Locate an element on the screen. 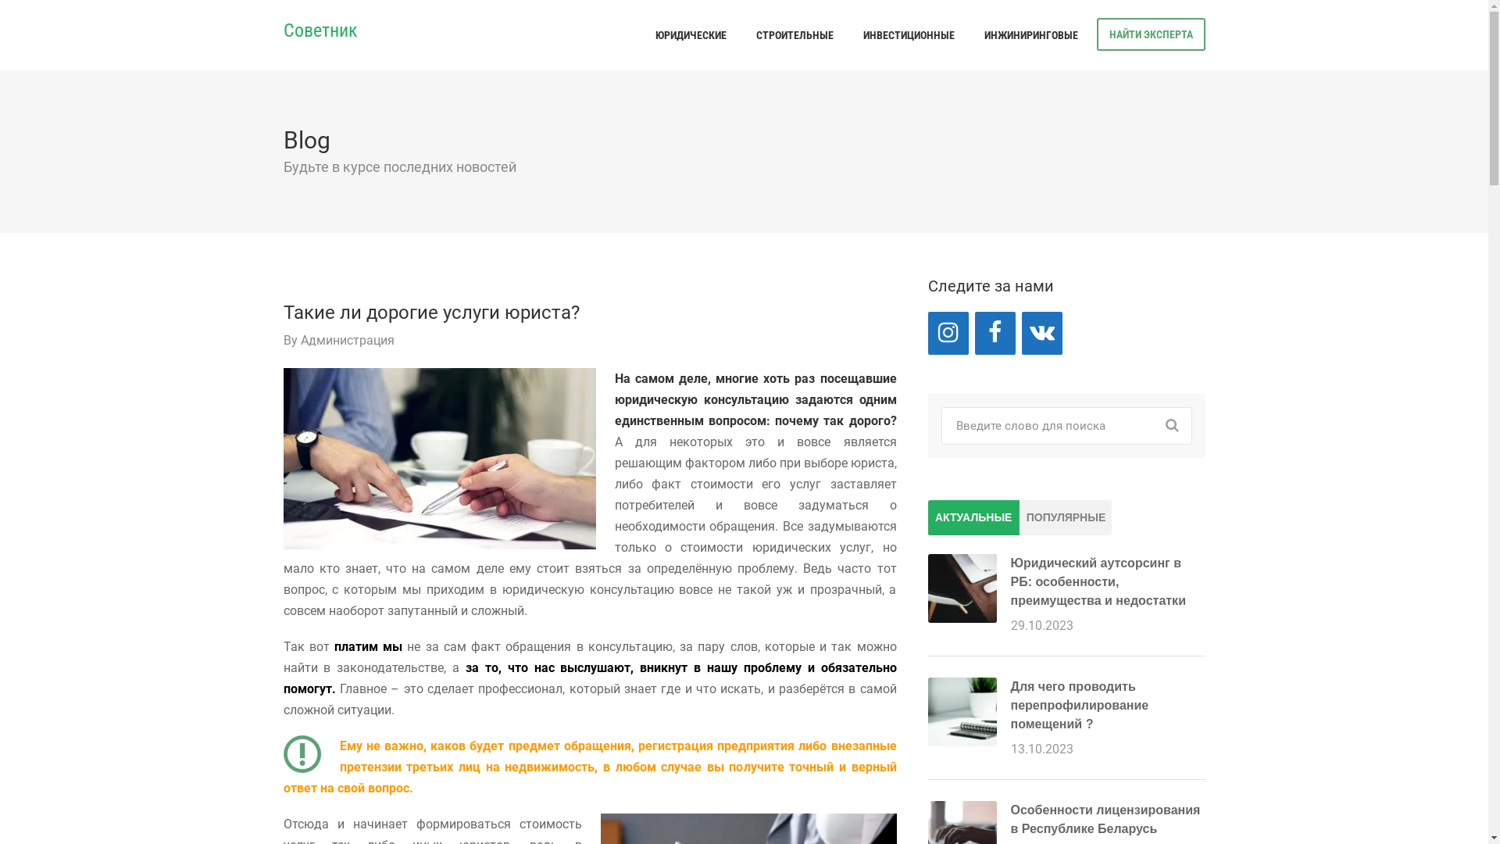 The image size is (1500, 844). 'Instagram' is located at coordinates (948, 332).